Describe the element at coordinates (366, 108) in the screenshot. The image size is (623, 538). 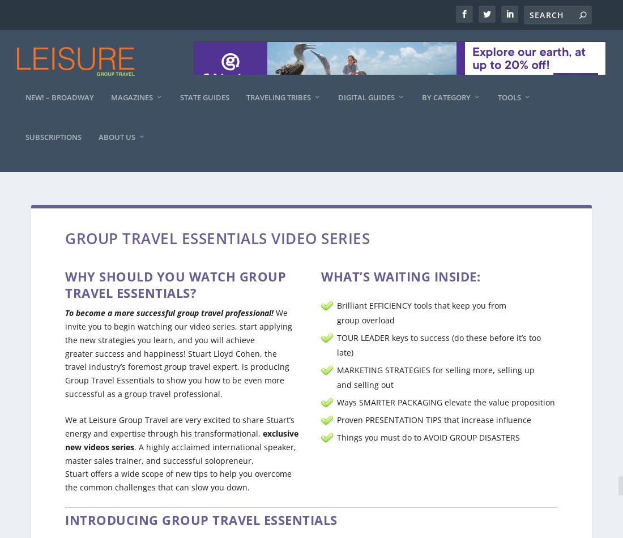
I see `'Digital Guides'` at that location.